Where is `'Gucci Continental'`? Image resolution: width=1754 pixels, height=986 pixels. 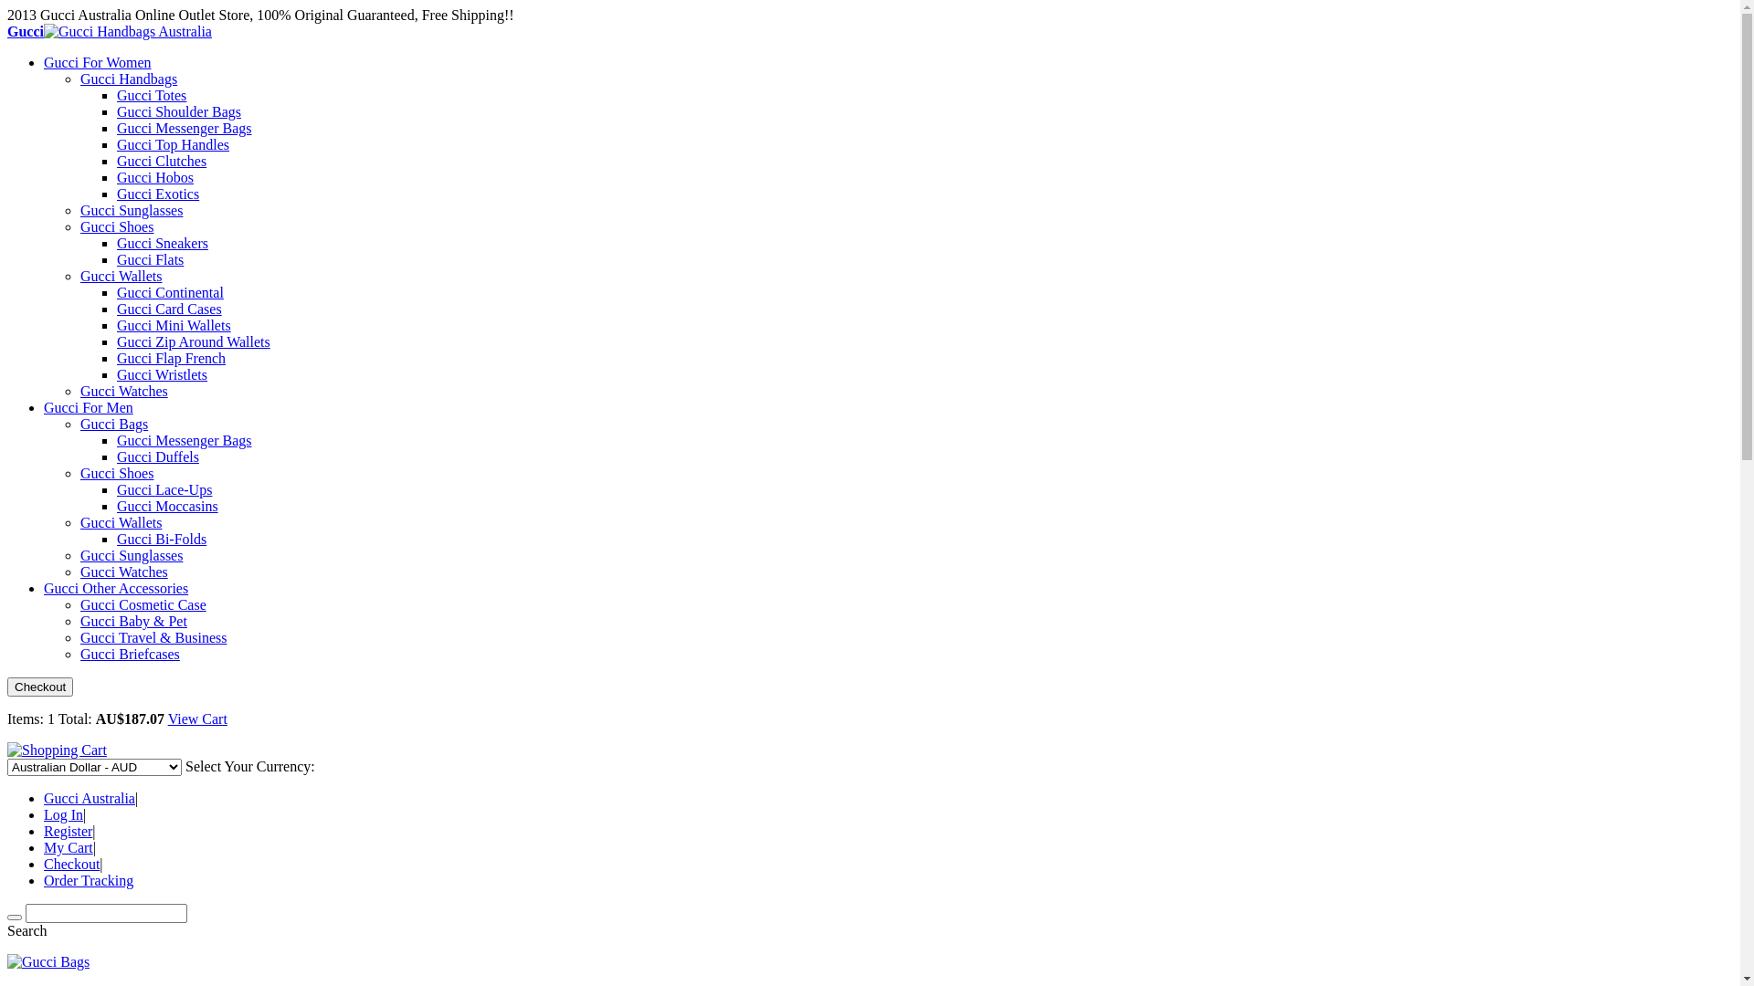
'Gucci Continental' is located at coordinates (170, 291).